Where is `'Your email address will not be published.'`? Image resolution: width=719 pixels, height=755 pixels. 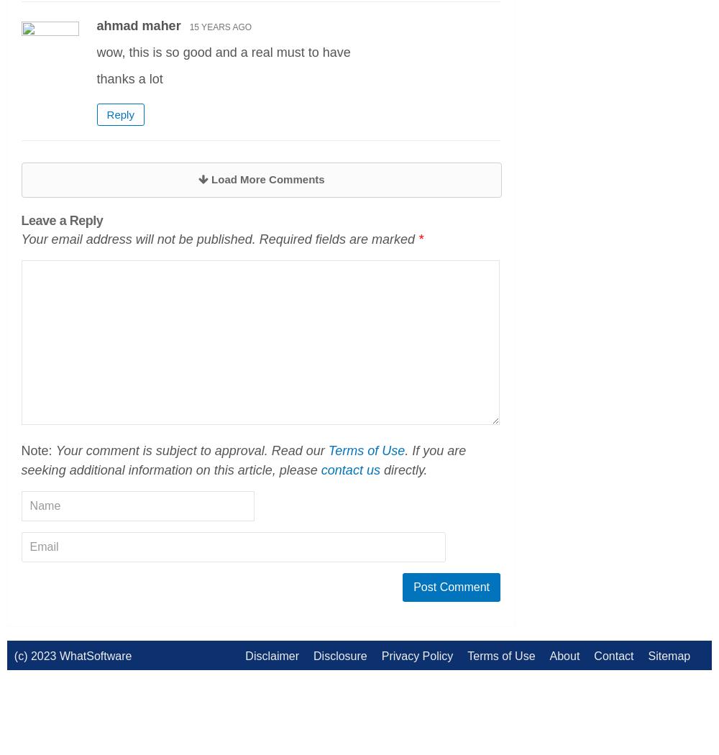
'Your email address will not be published.' is located at coordinates (137, 239).